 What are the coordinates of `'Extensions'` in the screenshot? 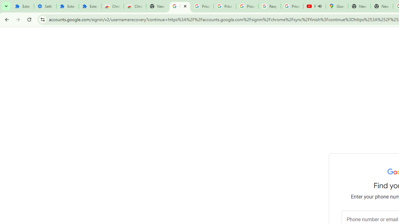 It's located at (90, 6).